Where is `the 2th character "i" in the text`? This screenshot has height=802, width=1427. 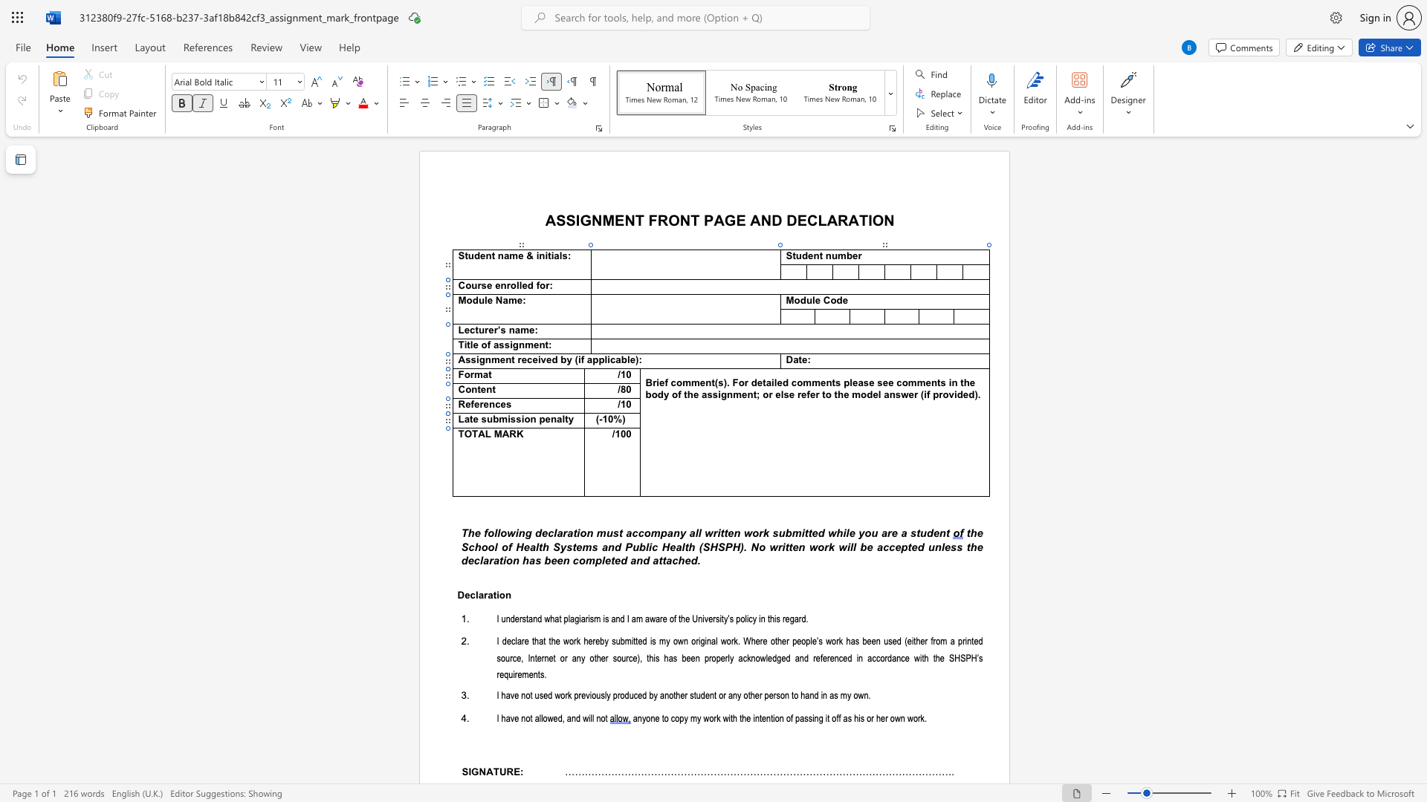
the 2th character "i" in the text is located at coordinates (546, 255).